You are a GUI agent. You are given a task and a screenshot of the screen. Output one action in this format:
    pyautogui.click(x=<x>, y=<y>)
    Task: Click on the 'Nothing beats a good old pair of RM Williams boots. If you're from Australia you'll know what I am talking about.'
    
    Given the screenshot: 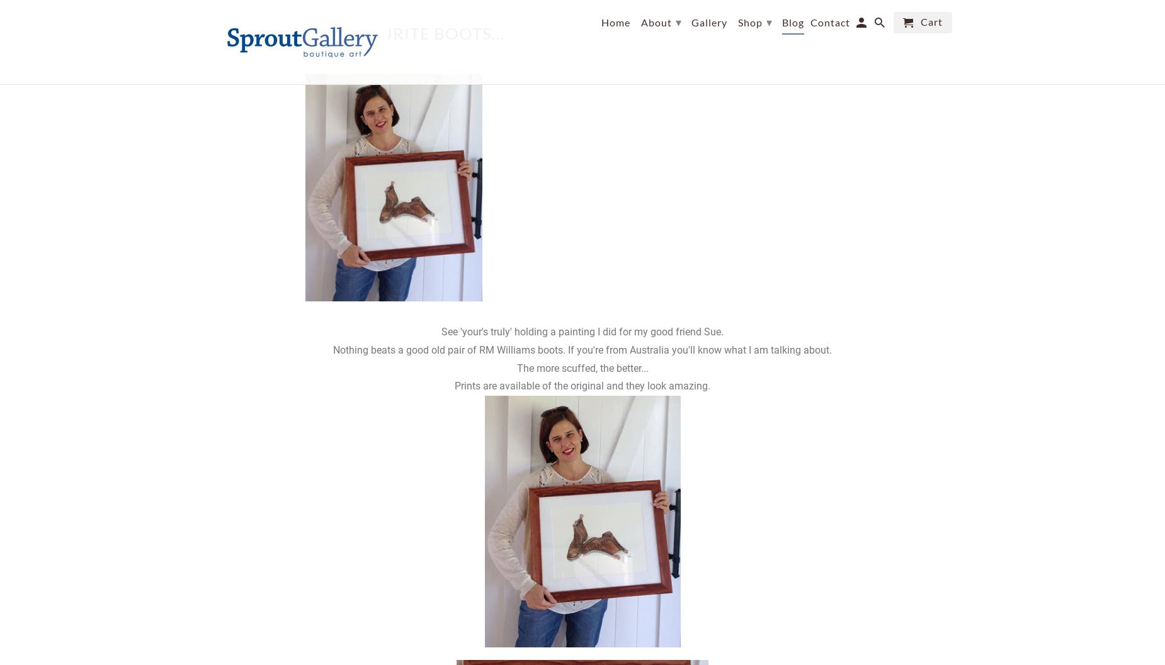 What is the action you would take?
    pyautogui.click(x=582, y=349)
    